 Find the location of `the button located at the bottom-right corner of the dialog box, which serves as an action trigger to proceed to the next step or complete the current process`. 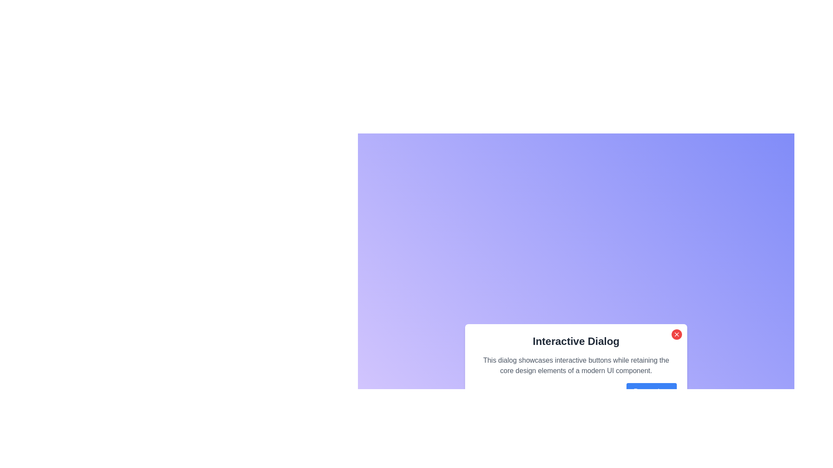

the button located at the bottom-right corner of the dialog box, which serves as an action trigger to proceed to the next step or complete the current process is located at coordinates (576, 391).